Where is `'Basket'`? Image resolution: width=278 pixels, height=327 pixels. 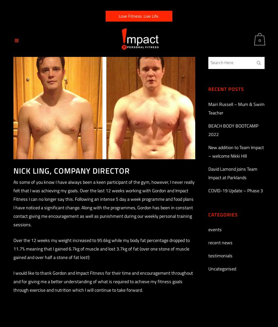
'Basket' is located at coordinates (203, 84).